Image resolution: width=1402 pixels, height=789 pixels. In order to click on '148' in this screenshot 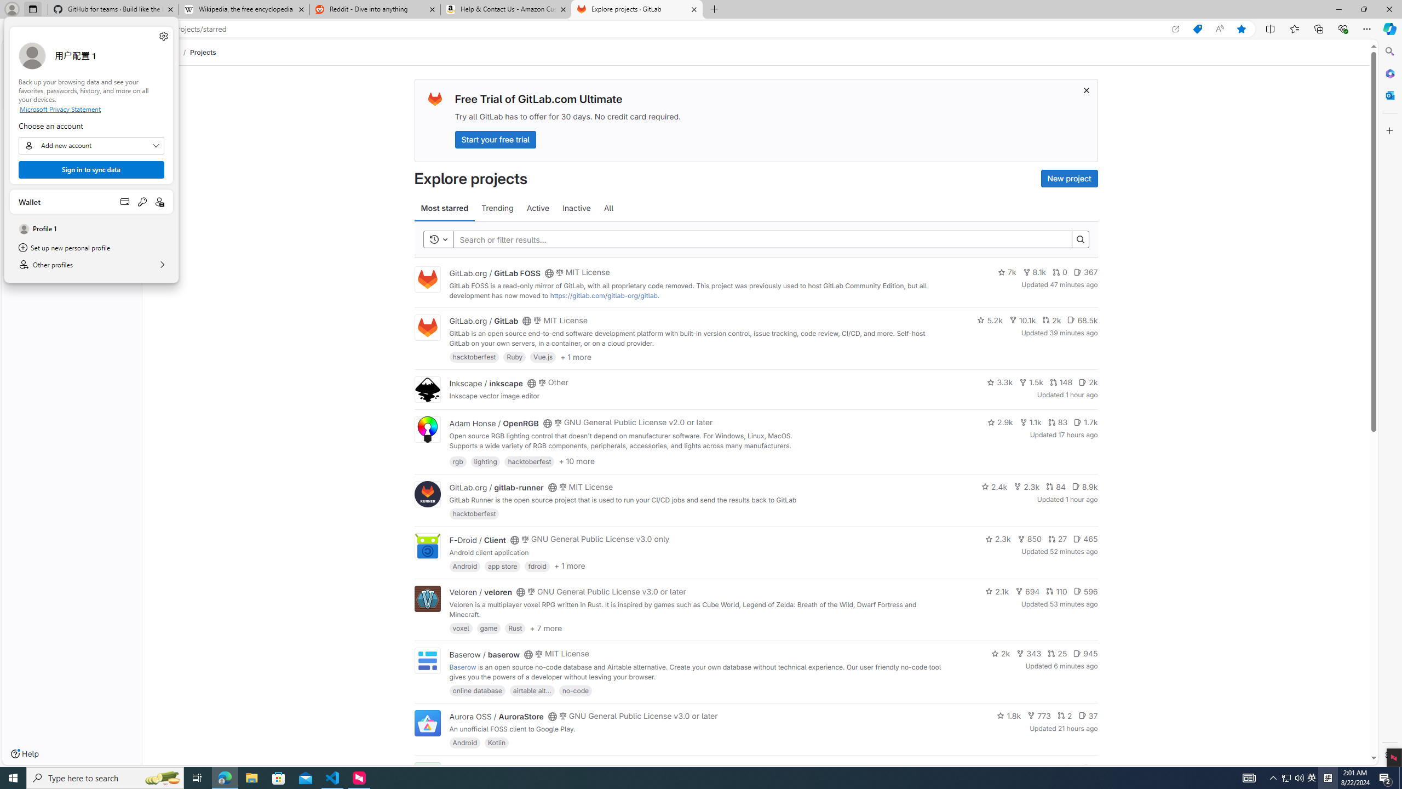, I will do `click(1060, 382)`.